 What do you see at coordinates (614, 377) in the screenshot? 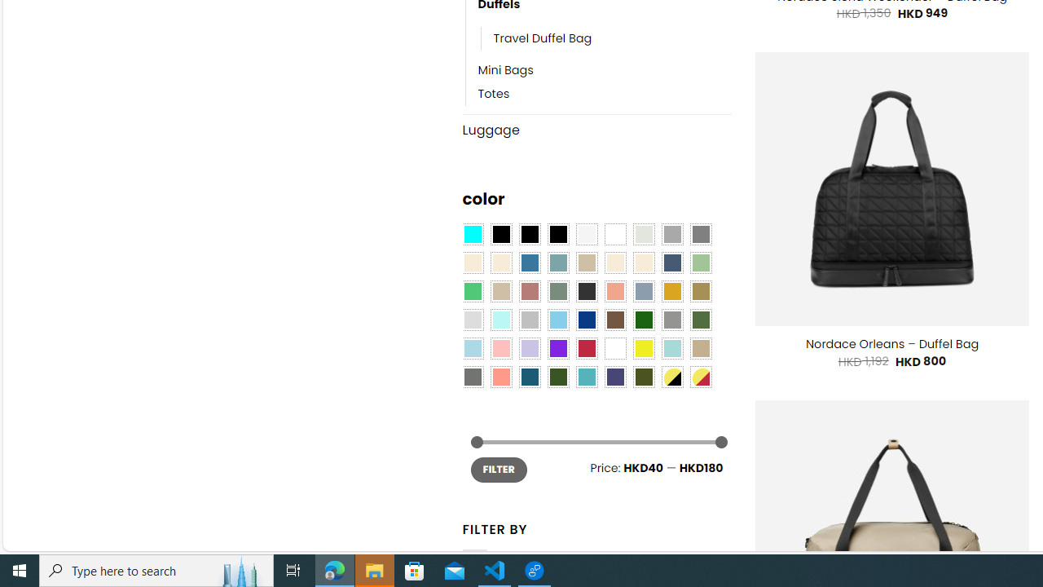
I see `'Purple Navy'` at bounding box center [614, 377].